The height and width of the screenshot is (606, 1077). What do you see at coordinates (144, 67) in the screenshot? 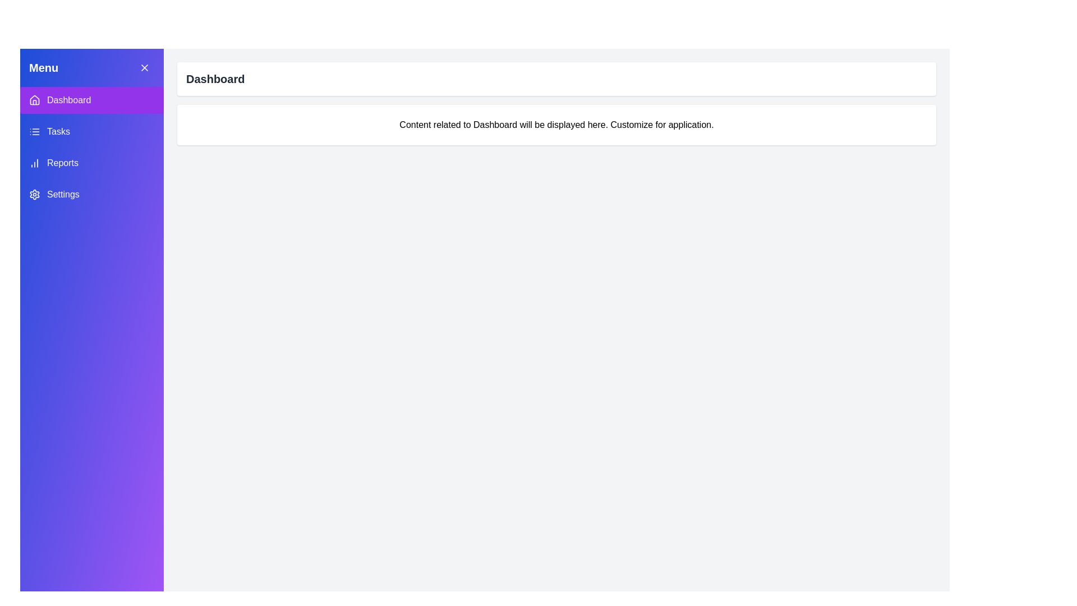
I see `the close (X) button to toggle the visibility of the drawer menu` at bounding box center [144, 67].